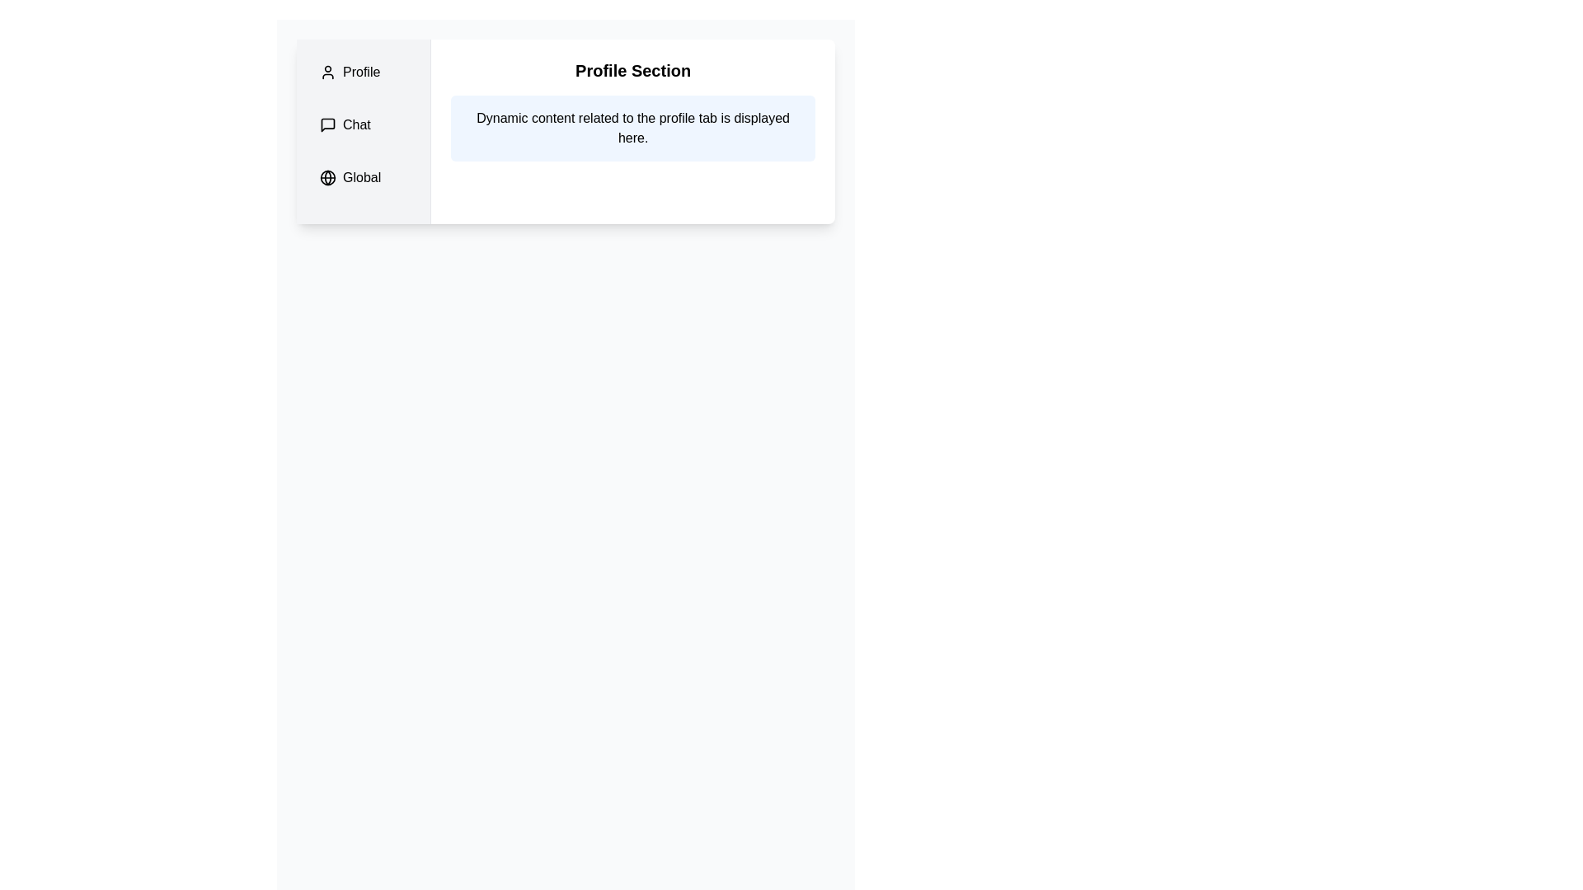  Describe the element at coordinates (328, 178) in the screenshot. I see `the globe icon located in the leftmost vertical navigation bar, which is the third icon below the 'Chat' label and above the 'Global' text` at that location.